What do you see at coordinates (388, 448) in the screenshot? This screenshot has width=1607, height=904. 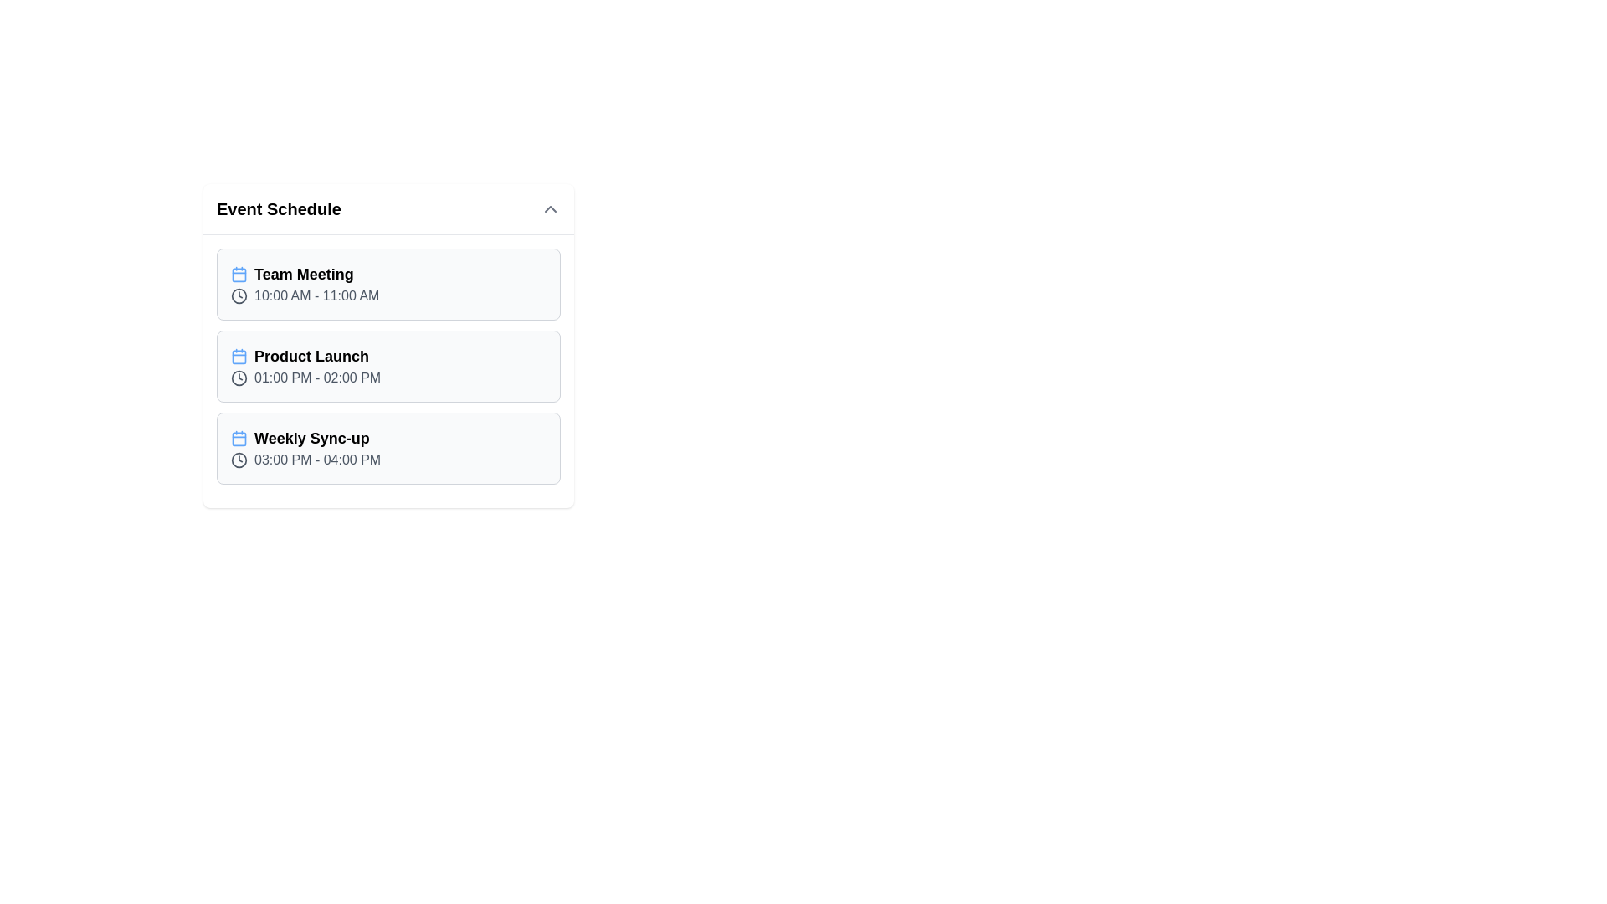 I see `the 'Weekly Sync-up' event card, which is the third item` at bounding box center [388, 448].